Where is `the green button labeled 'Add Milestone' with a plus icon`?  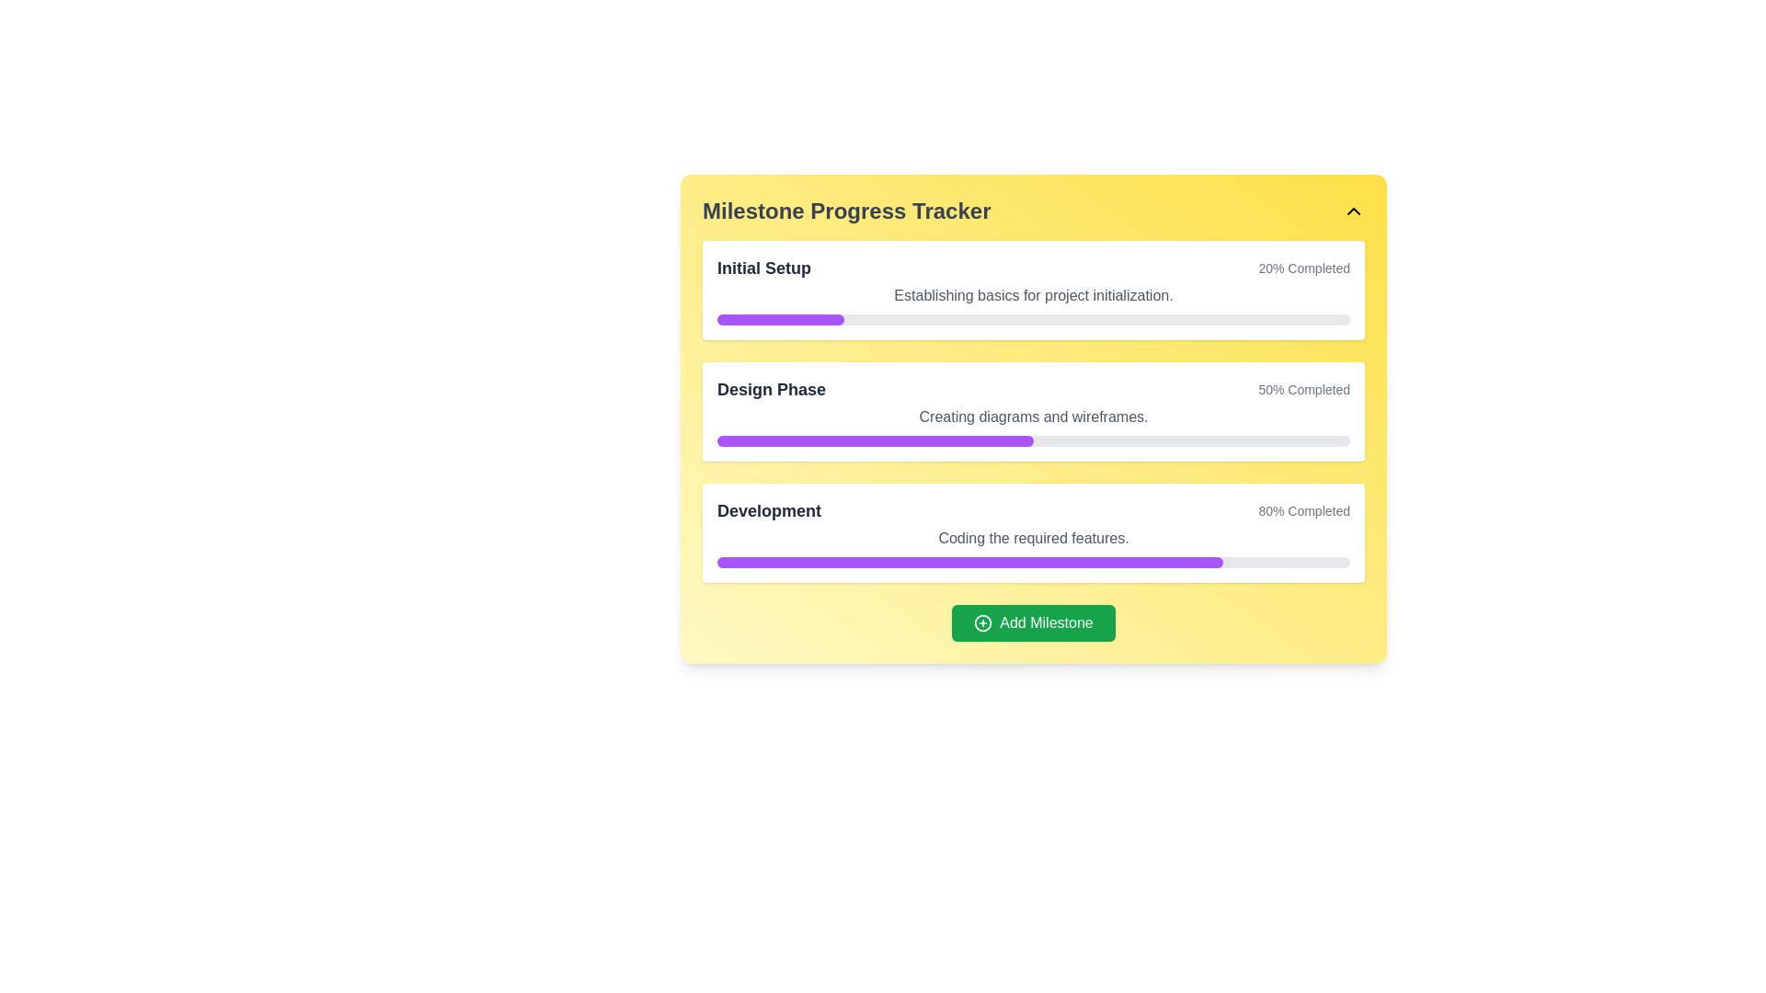 the green button labeled 'Add Milestone' with a plus icon is located at coordinates (1033, 622).